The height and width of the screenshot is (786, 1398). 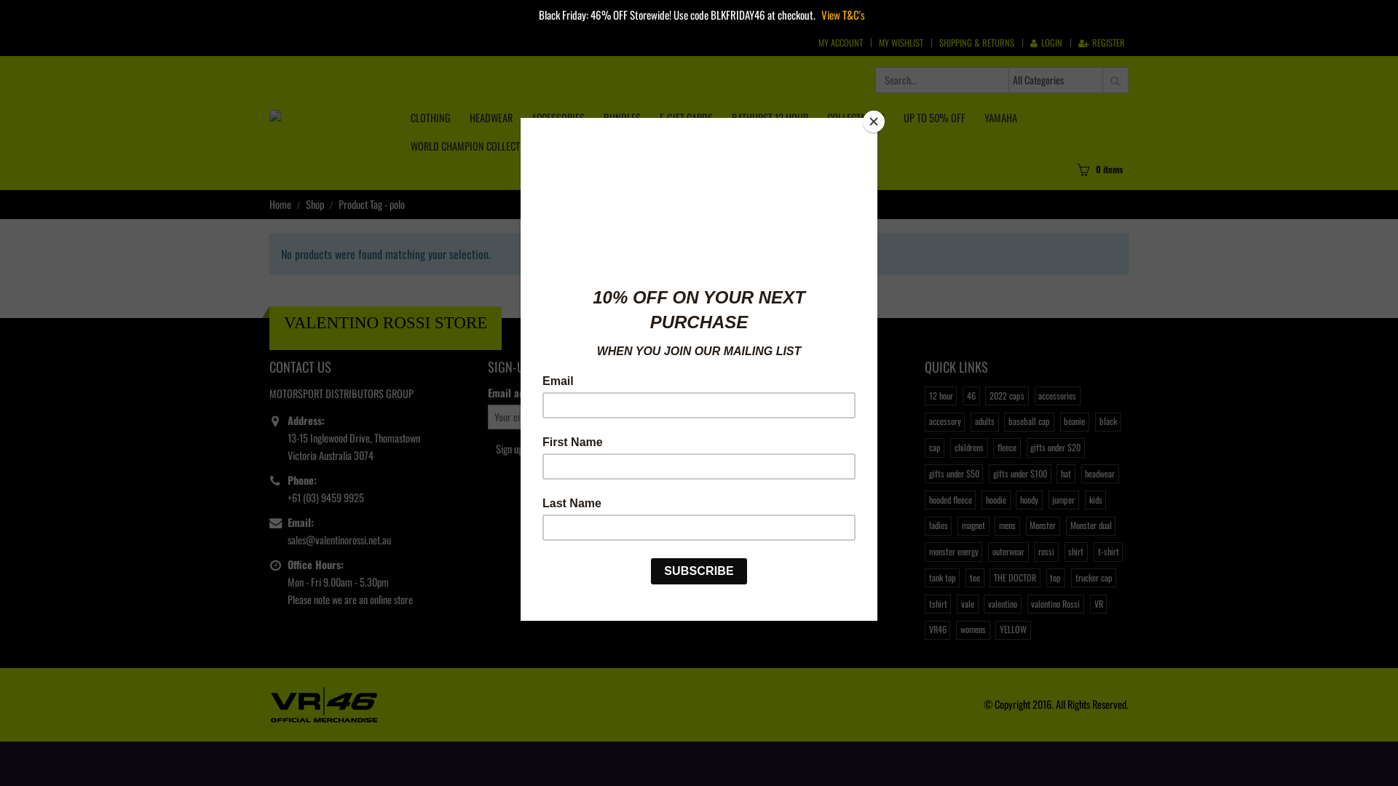 I want to click on 'magnet', so click(x=973, y=525).